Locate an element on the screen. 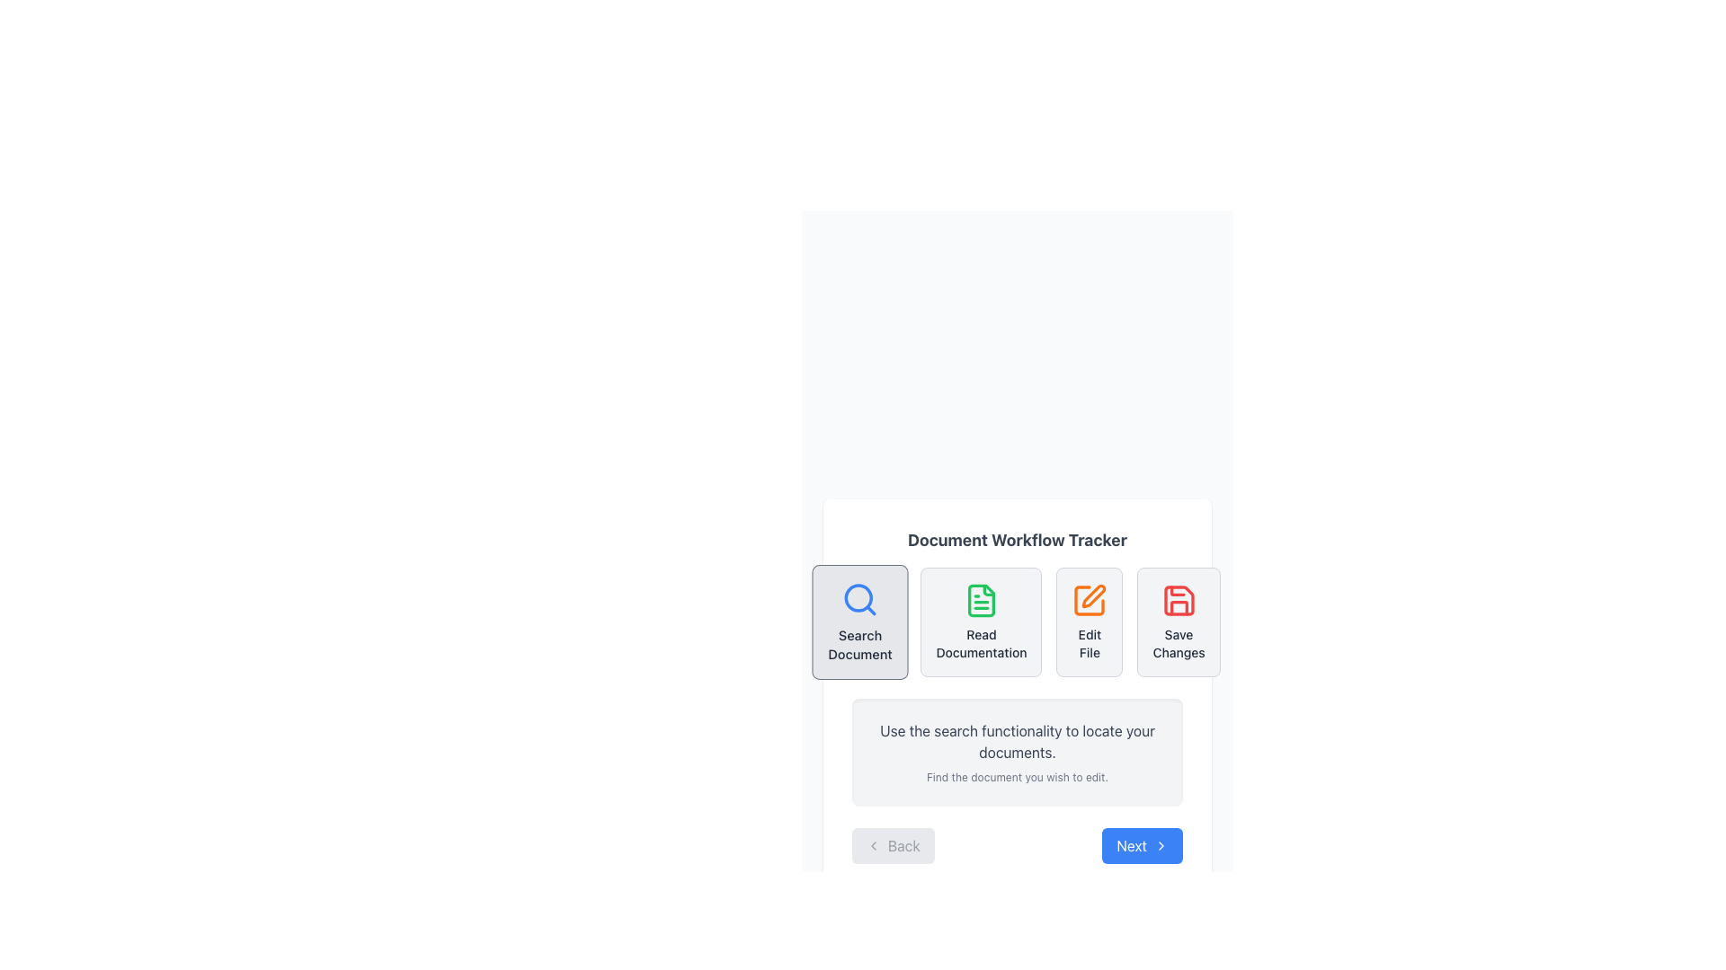 The height and width of the screenshot is (970, 1726). the graphical vector element representing the save icon, which is located at the bottom part of the save icon in the rightmost section of the top row of icons is located at coordinates (1179, 607).